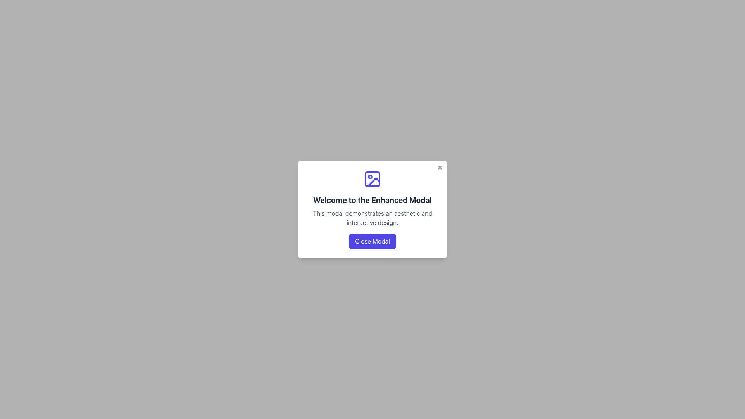 This screenshot has width=745, height=419. I want to click on the 'X' icon located at the top right corner of the modal dialog, so click(440, 167).